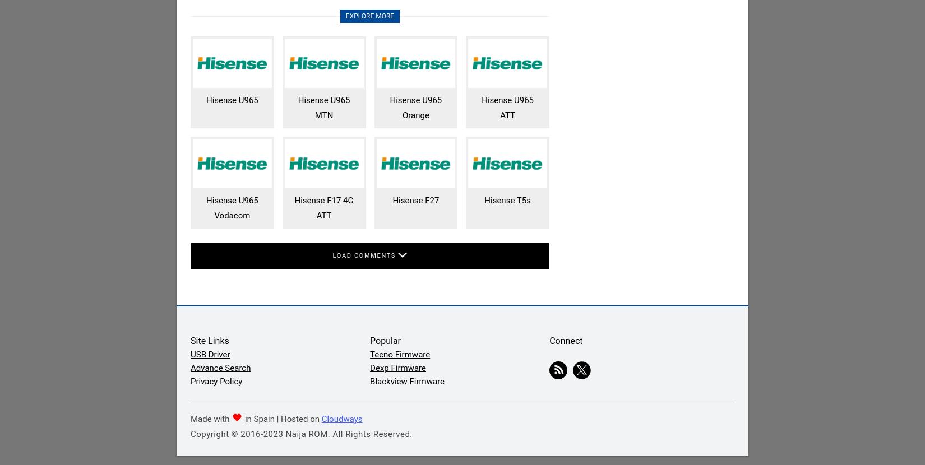 The image size is (925, 465). What do you see at coordinates (210, 341) in the screenshot?
I see `'Site Links'` at bounding box center [210, 341].